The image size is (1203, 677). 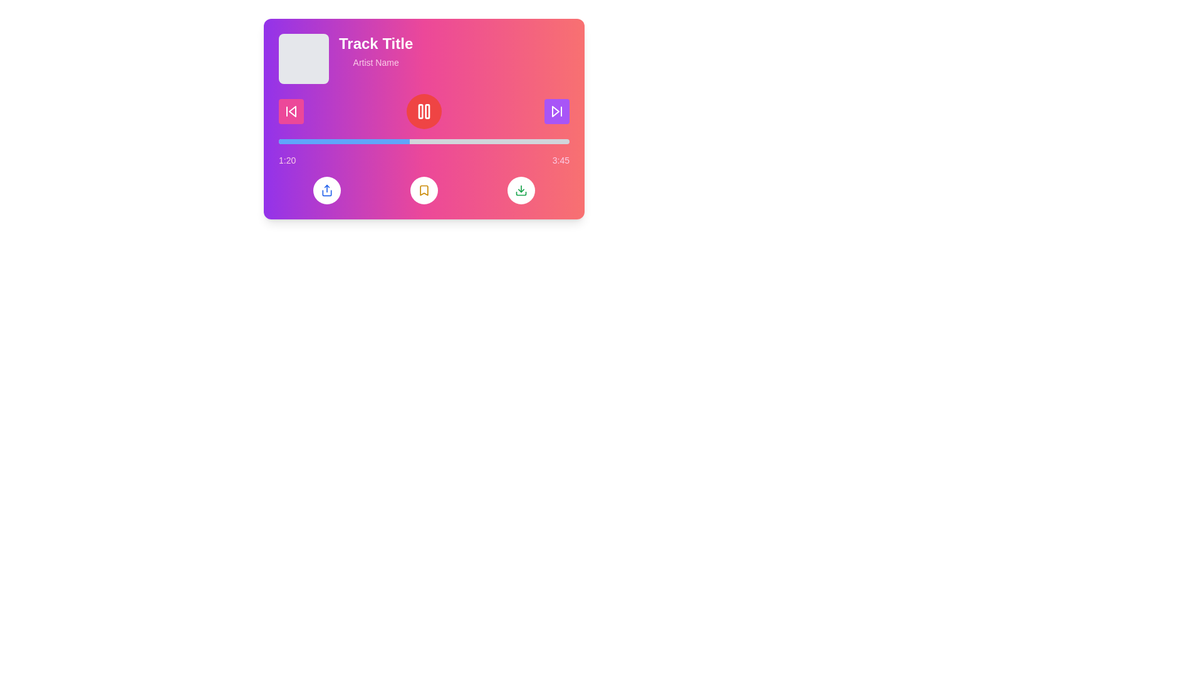 What do you see at coordinates (424, 191) in the screenshot?
I see `the circular button with a yellow bookmark icon located in the middle of three buttons beneath the progress bar of the media player interface` at bounding box center [424, 191].